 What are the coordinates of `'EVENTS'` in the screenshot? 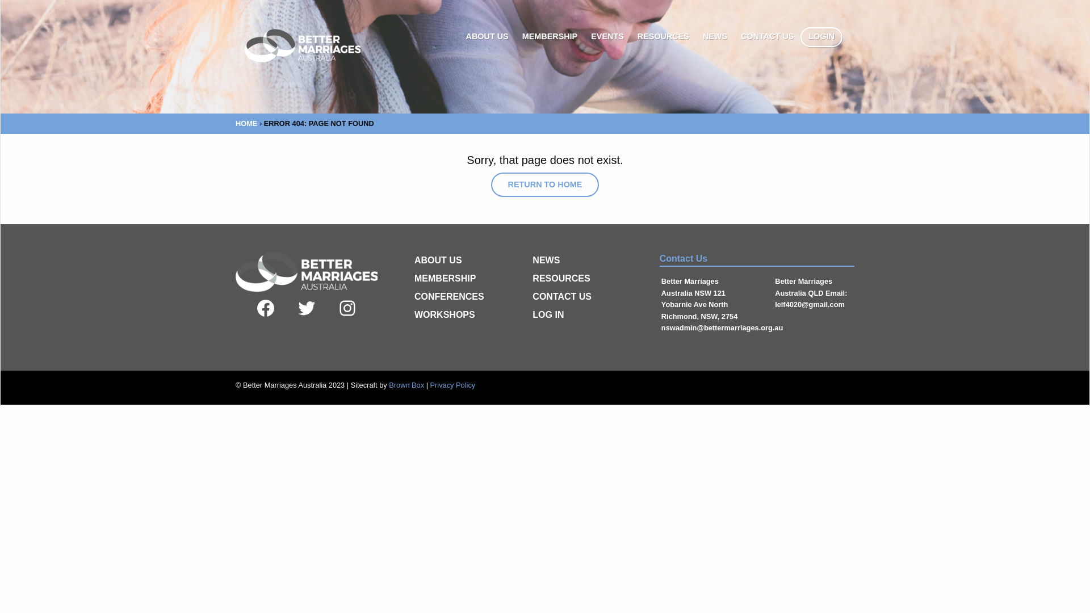 It's located at (607, 36).